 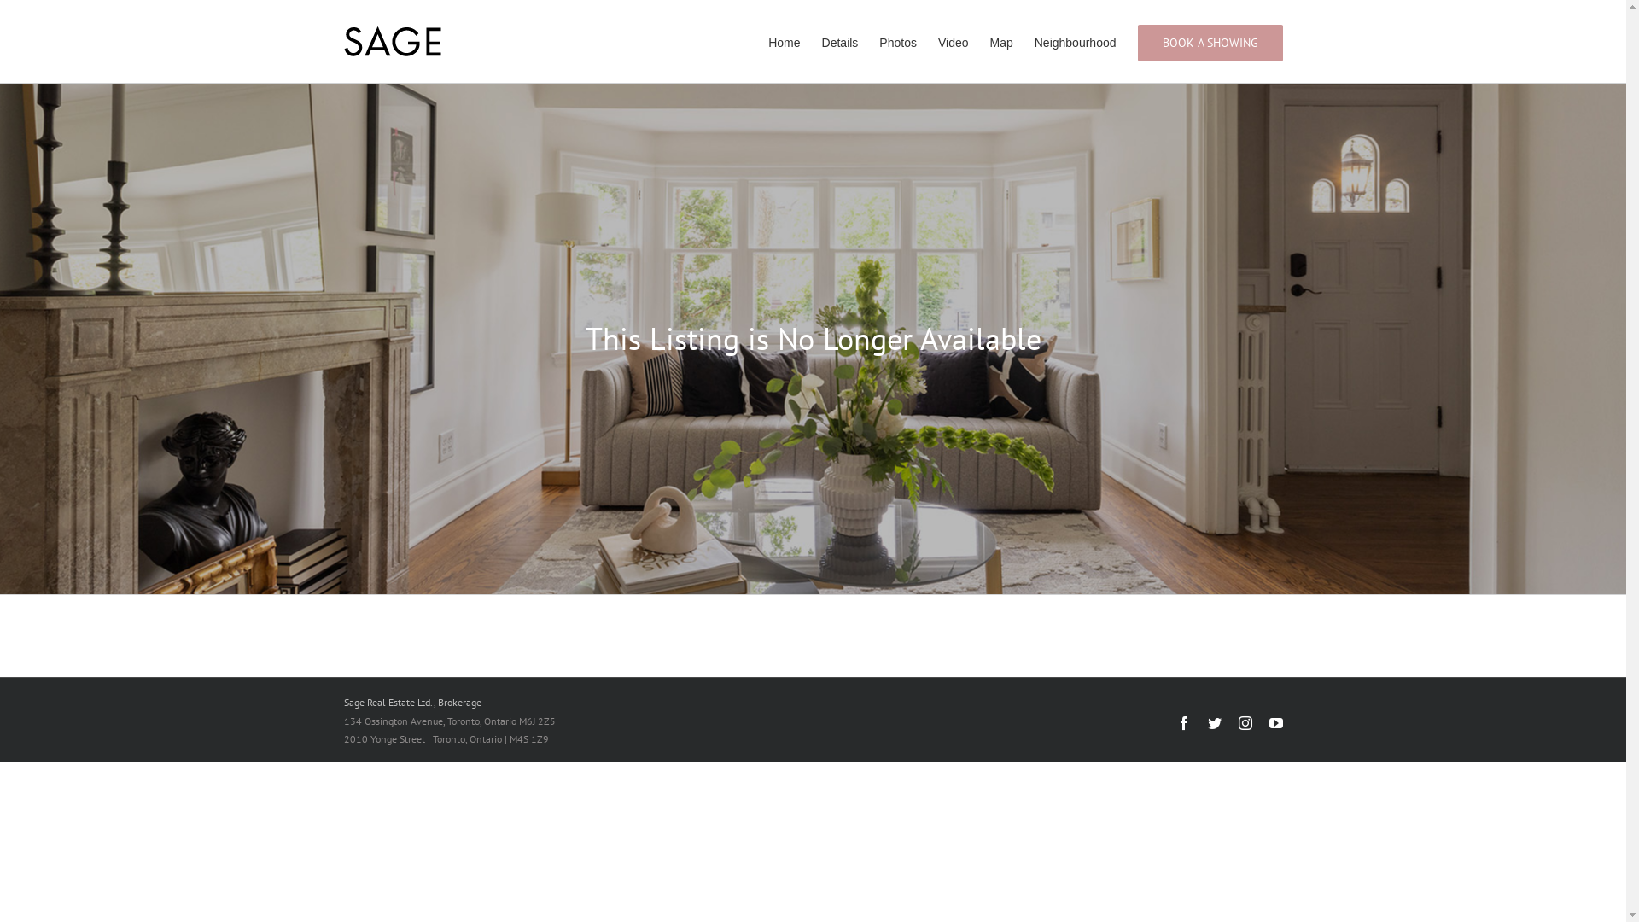 What do you see at coordinates (767, 40) in the screenshot?
I see `'Home'` at bounding box center [767, 40].